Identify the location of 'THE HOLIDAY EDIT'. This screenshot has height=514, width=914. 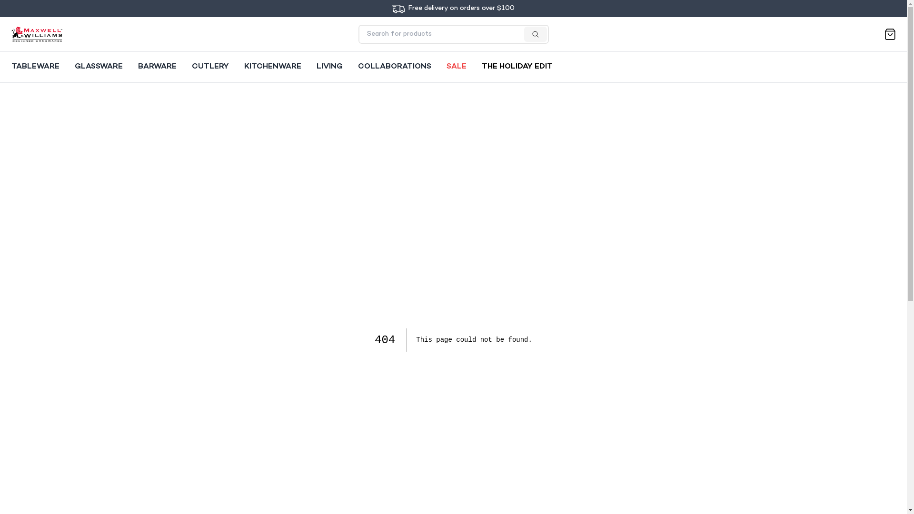
(517, 67).